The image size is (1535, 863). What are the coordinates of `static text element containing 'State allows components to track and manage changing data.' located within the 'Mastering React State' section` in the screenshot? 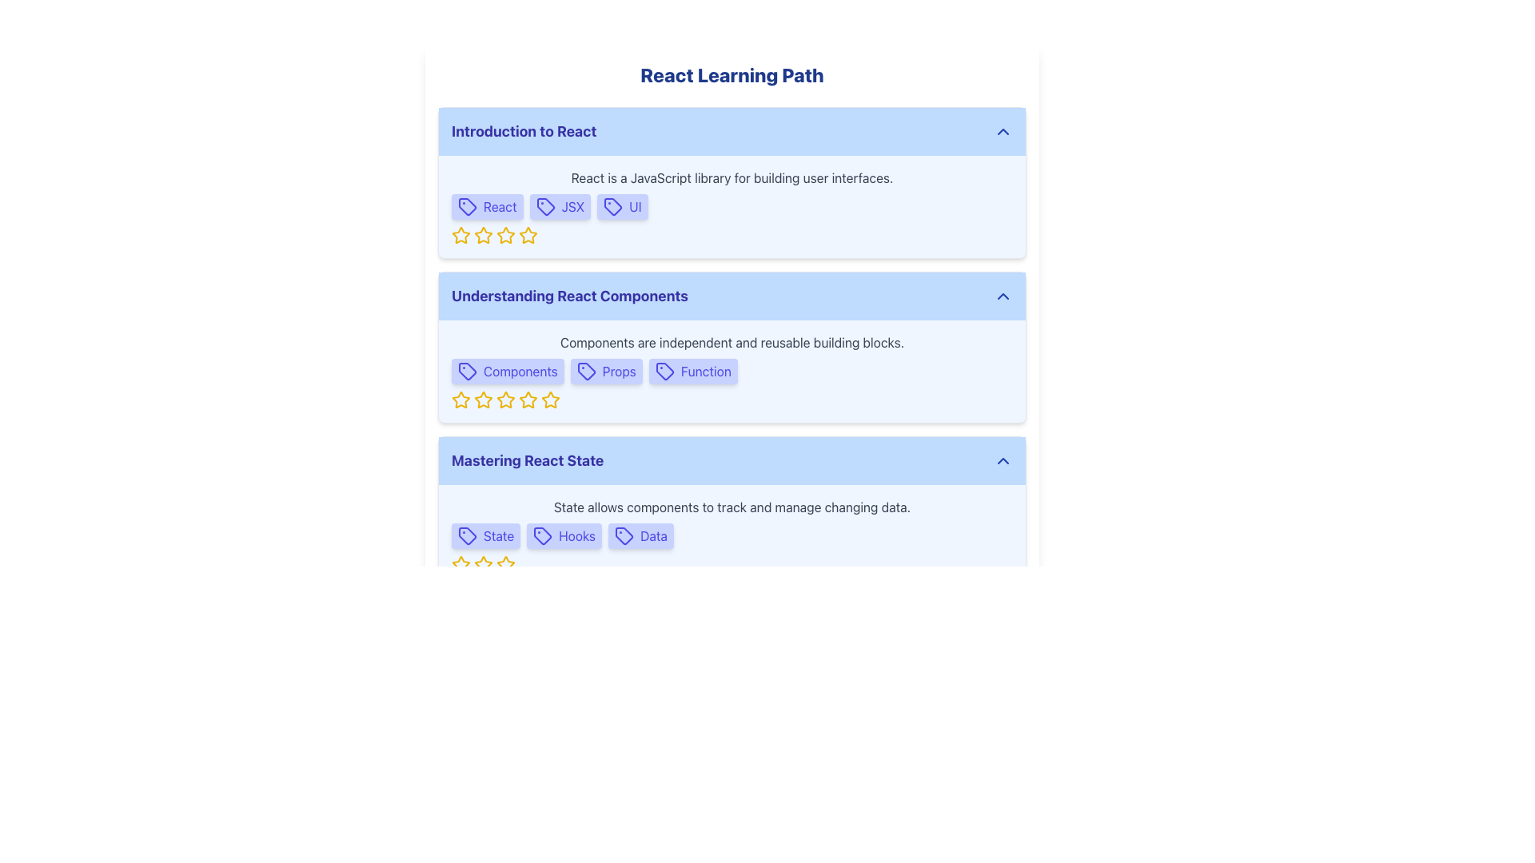 It's located at (732, 507).